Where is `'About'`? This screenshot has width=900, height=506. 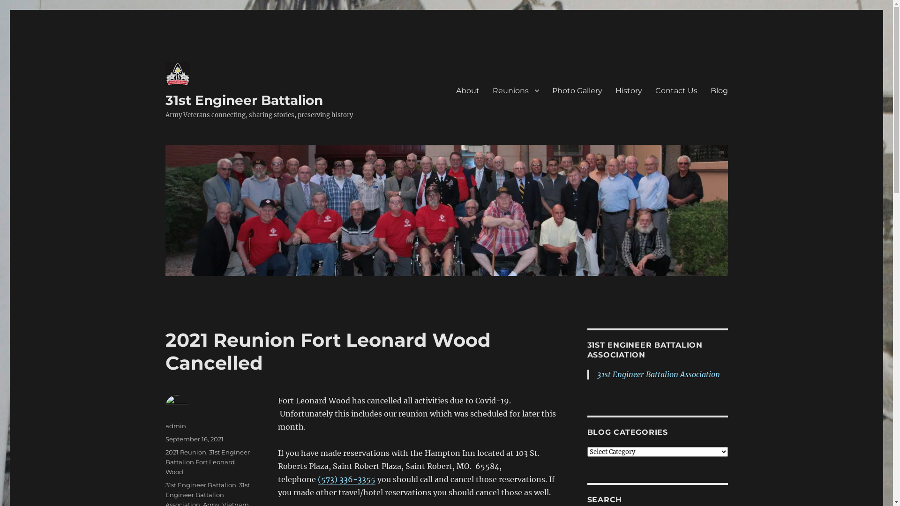 'About' is located at coordinates (467, 90).